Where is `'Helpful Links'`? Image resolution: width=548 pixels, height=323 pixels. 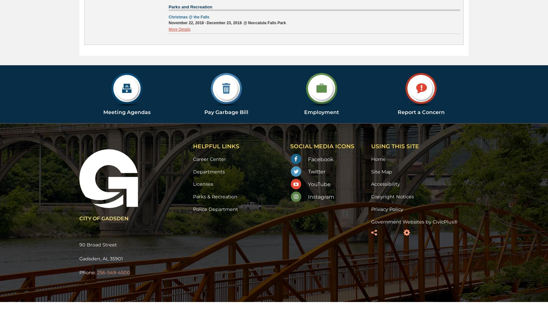
'Helpful Links' is located at coordinates (216, 146).